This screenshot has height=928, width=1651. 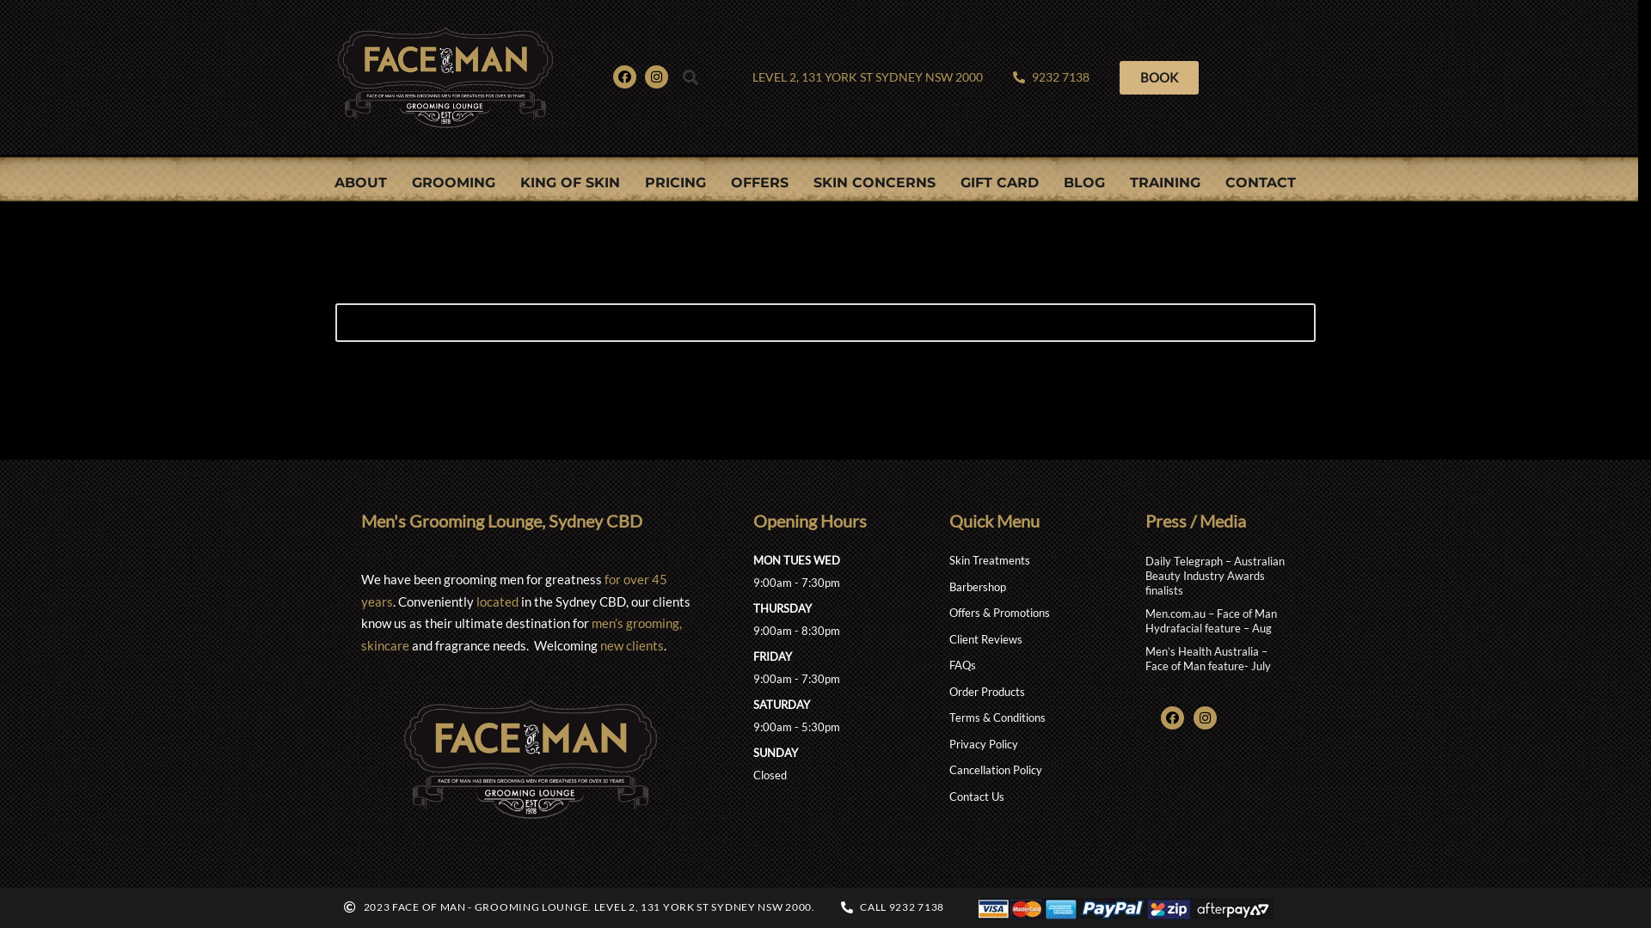 What do you see at coordinates (674, 182) in the screenshot?
I see `'PRICING'` at bounding box center [674, 182].